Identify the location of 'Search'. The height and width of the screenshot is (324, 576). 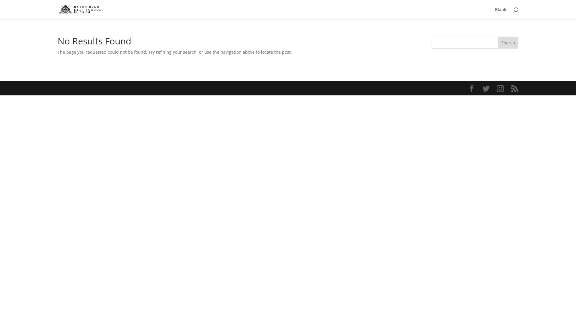
(508, 42).